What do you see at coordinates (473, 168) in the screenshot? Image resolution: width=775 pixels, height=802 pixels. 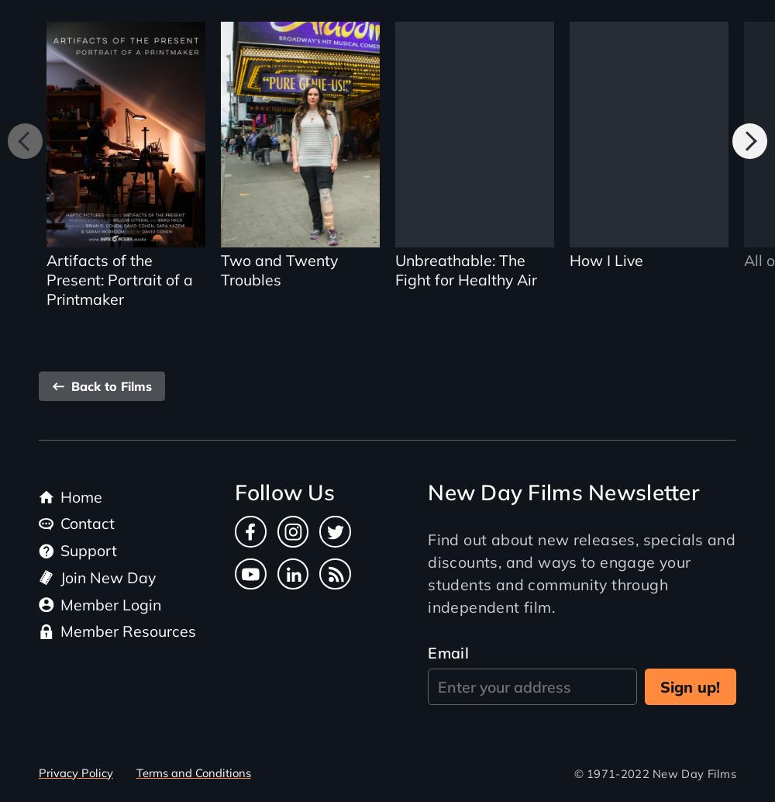 I see `'Unbreathable: The Fight for Healthy Air spotlights the ongoing struggle for clean air in the United States.'` at bounding box center [473, 168].